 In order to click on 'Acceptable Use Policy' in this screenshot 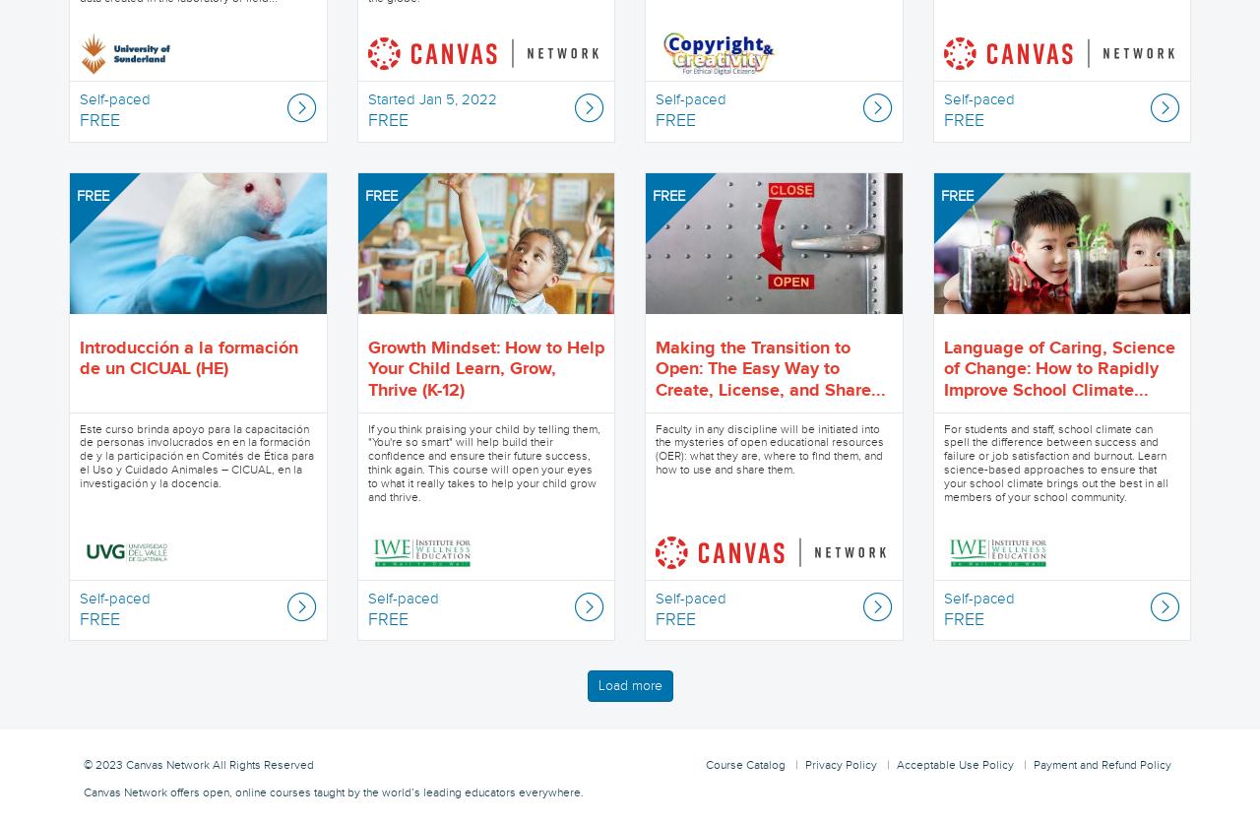, I will do `click(955, 763)`.